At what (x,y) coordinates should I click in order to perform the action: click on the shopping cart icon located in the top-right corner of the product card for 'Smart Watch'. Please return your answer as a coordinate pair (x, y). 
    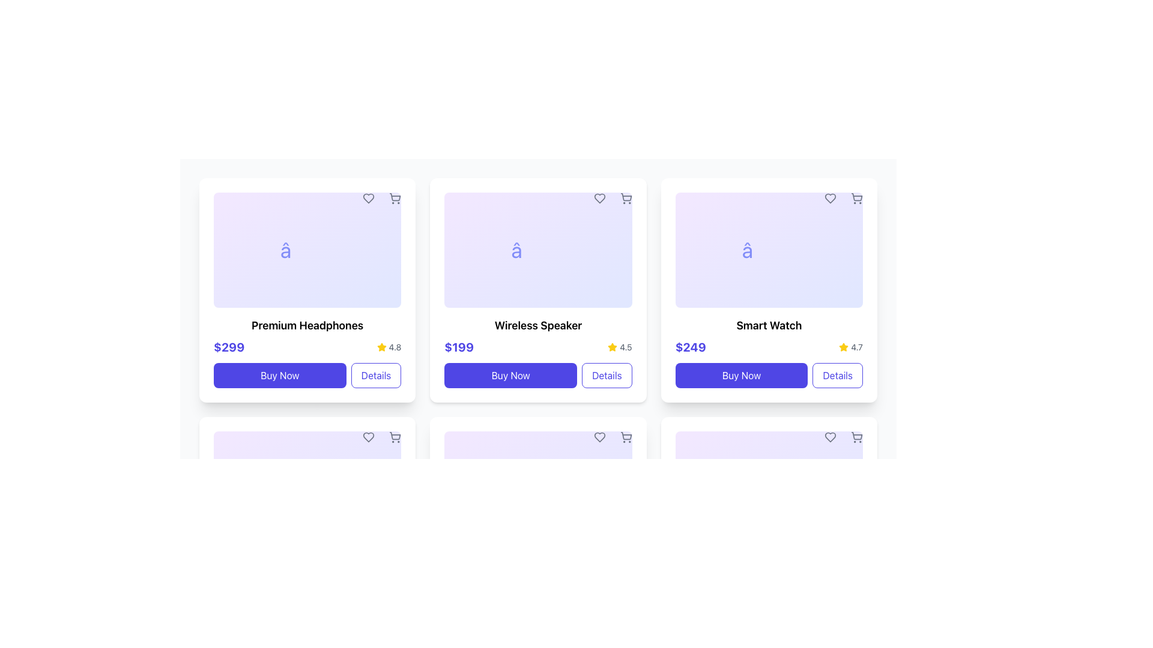
    Looking at the image, I should click on (856, 196).